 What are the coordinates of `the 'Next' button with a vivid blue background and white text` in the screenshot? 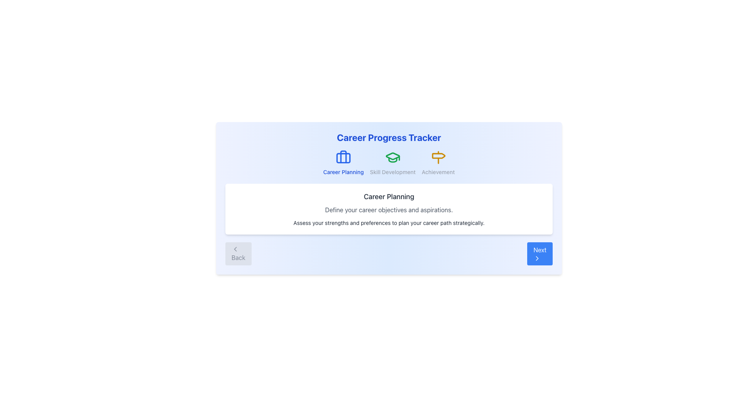 It's located at (540, 254).